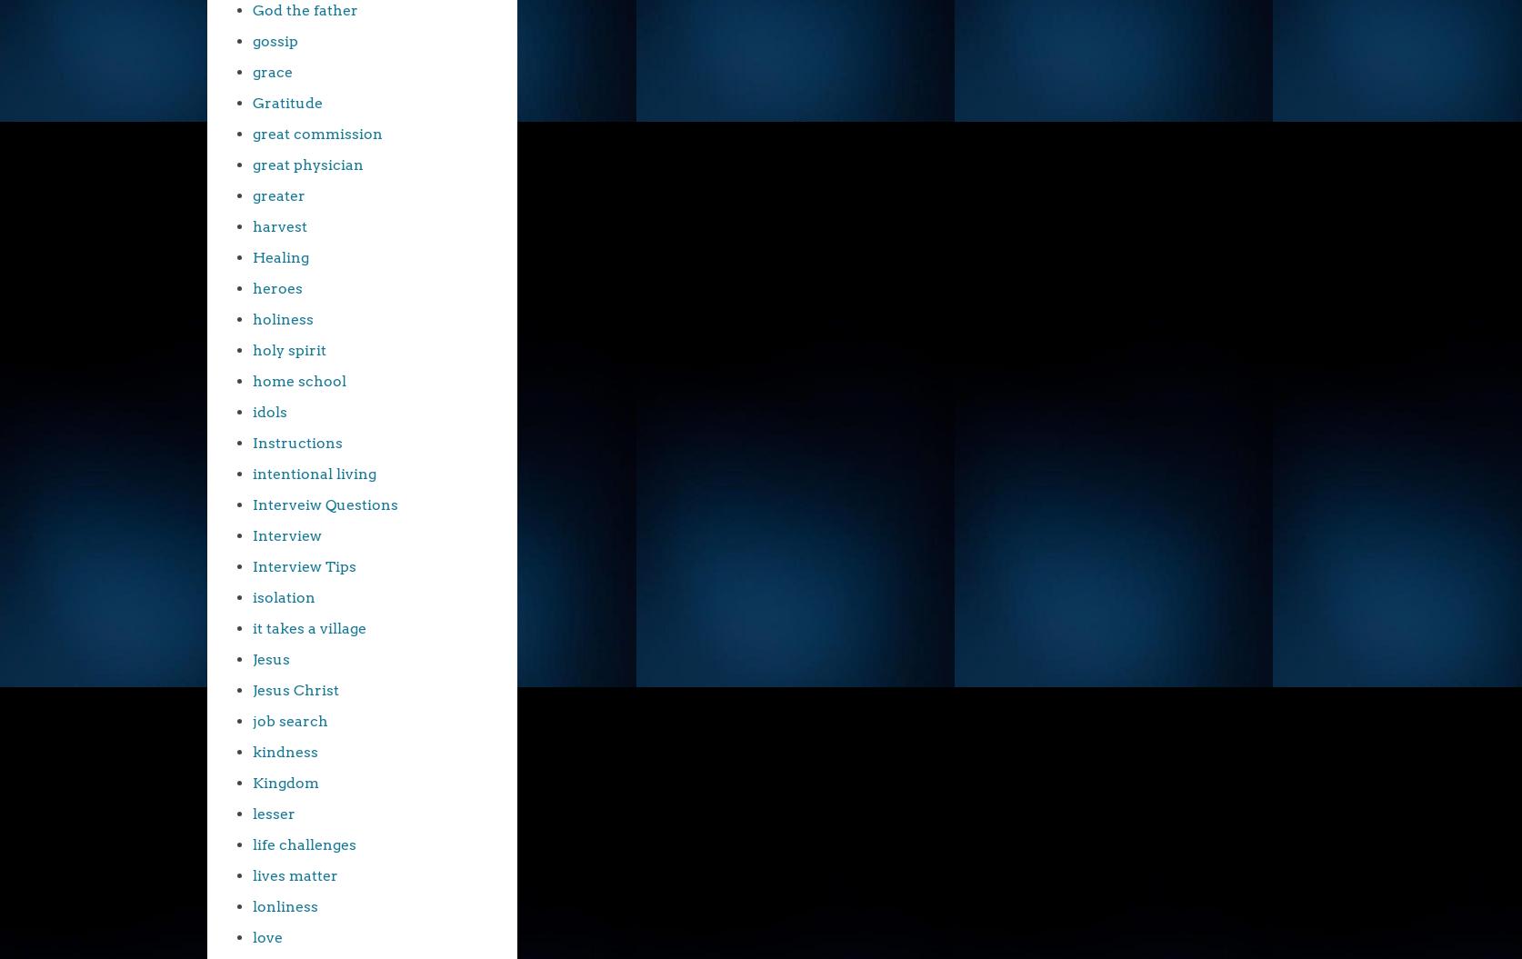  I want to click on 'idols', so click(269, 411).